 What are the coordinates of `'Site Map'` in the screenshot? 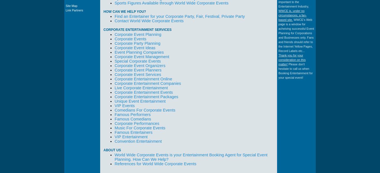 It's located at (71, 5).